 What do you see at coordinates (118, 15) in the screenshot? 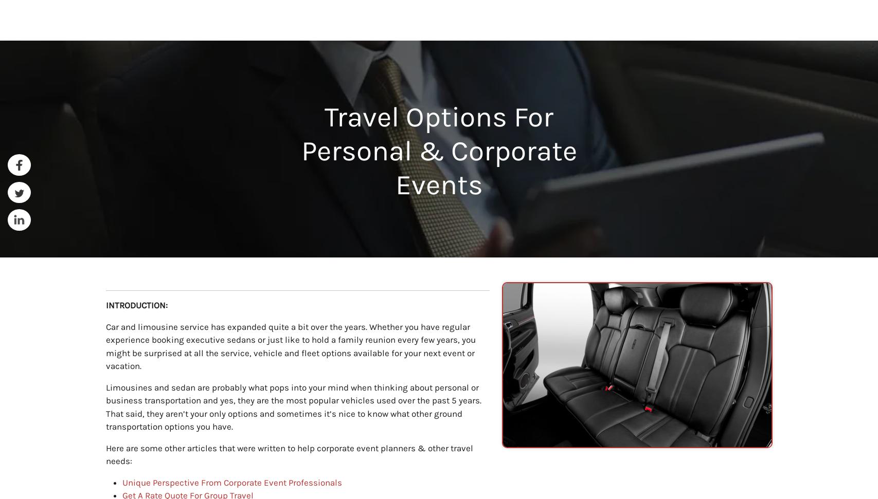
I see `'Home'` at bounding box center [118, 15].